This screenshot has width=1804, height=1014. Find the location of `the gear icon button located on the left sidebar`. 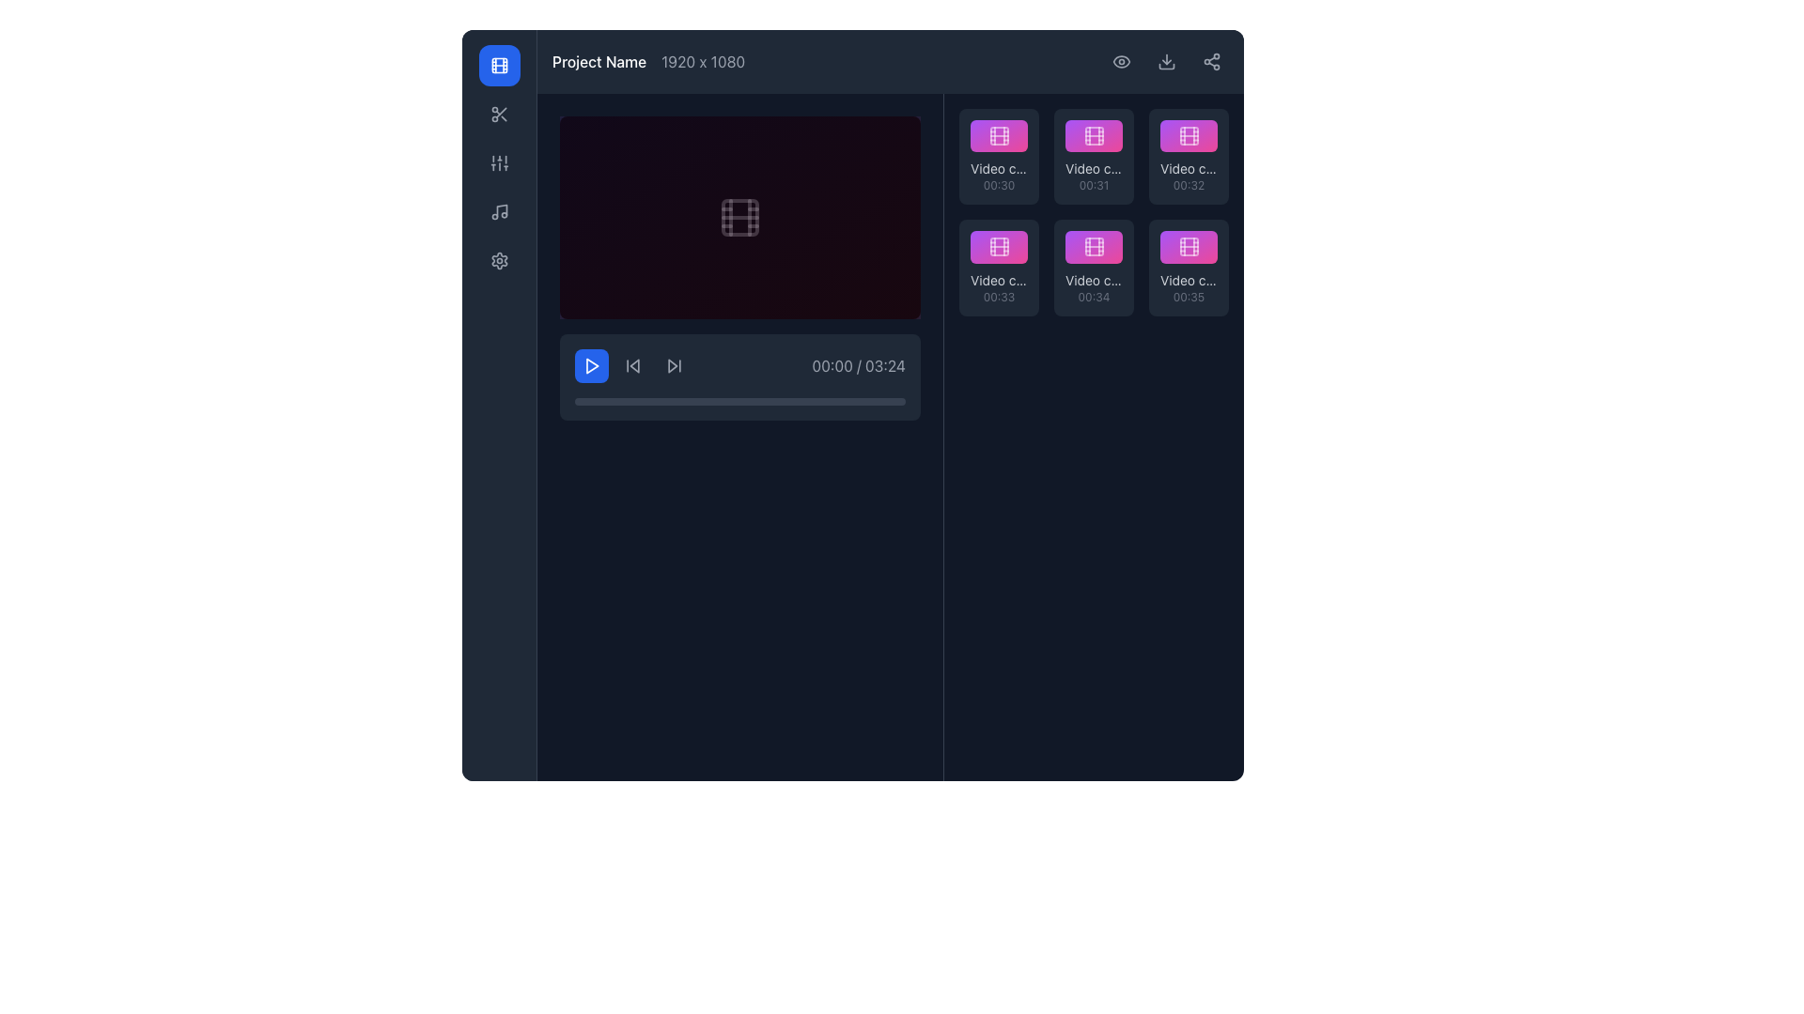

the gear icon button located on the left sidebar is located at coordinates (499, 260).